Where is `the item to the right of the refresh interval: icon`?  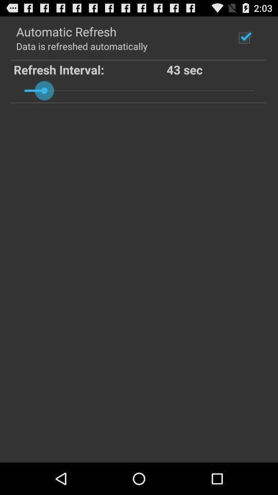 the item to the right of the refresh interval: icon is located at coordinates (215, 69).